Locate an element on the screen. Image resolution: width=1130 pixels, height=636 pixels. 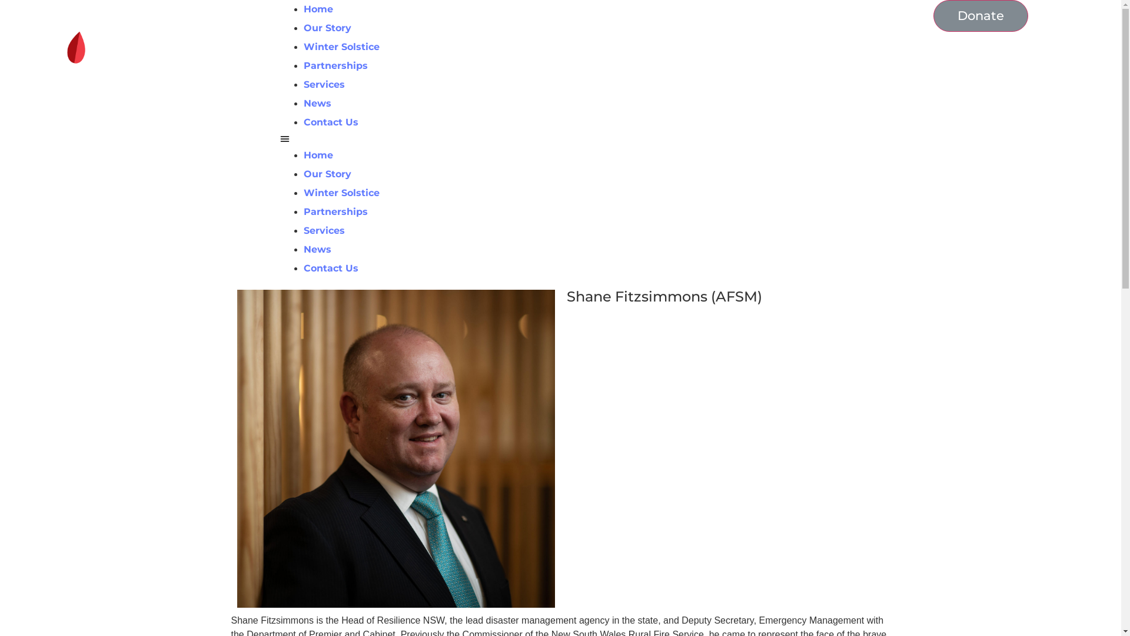
'Contact Us' is located at coordinates (330, 122).